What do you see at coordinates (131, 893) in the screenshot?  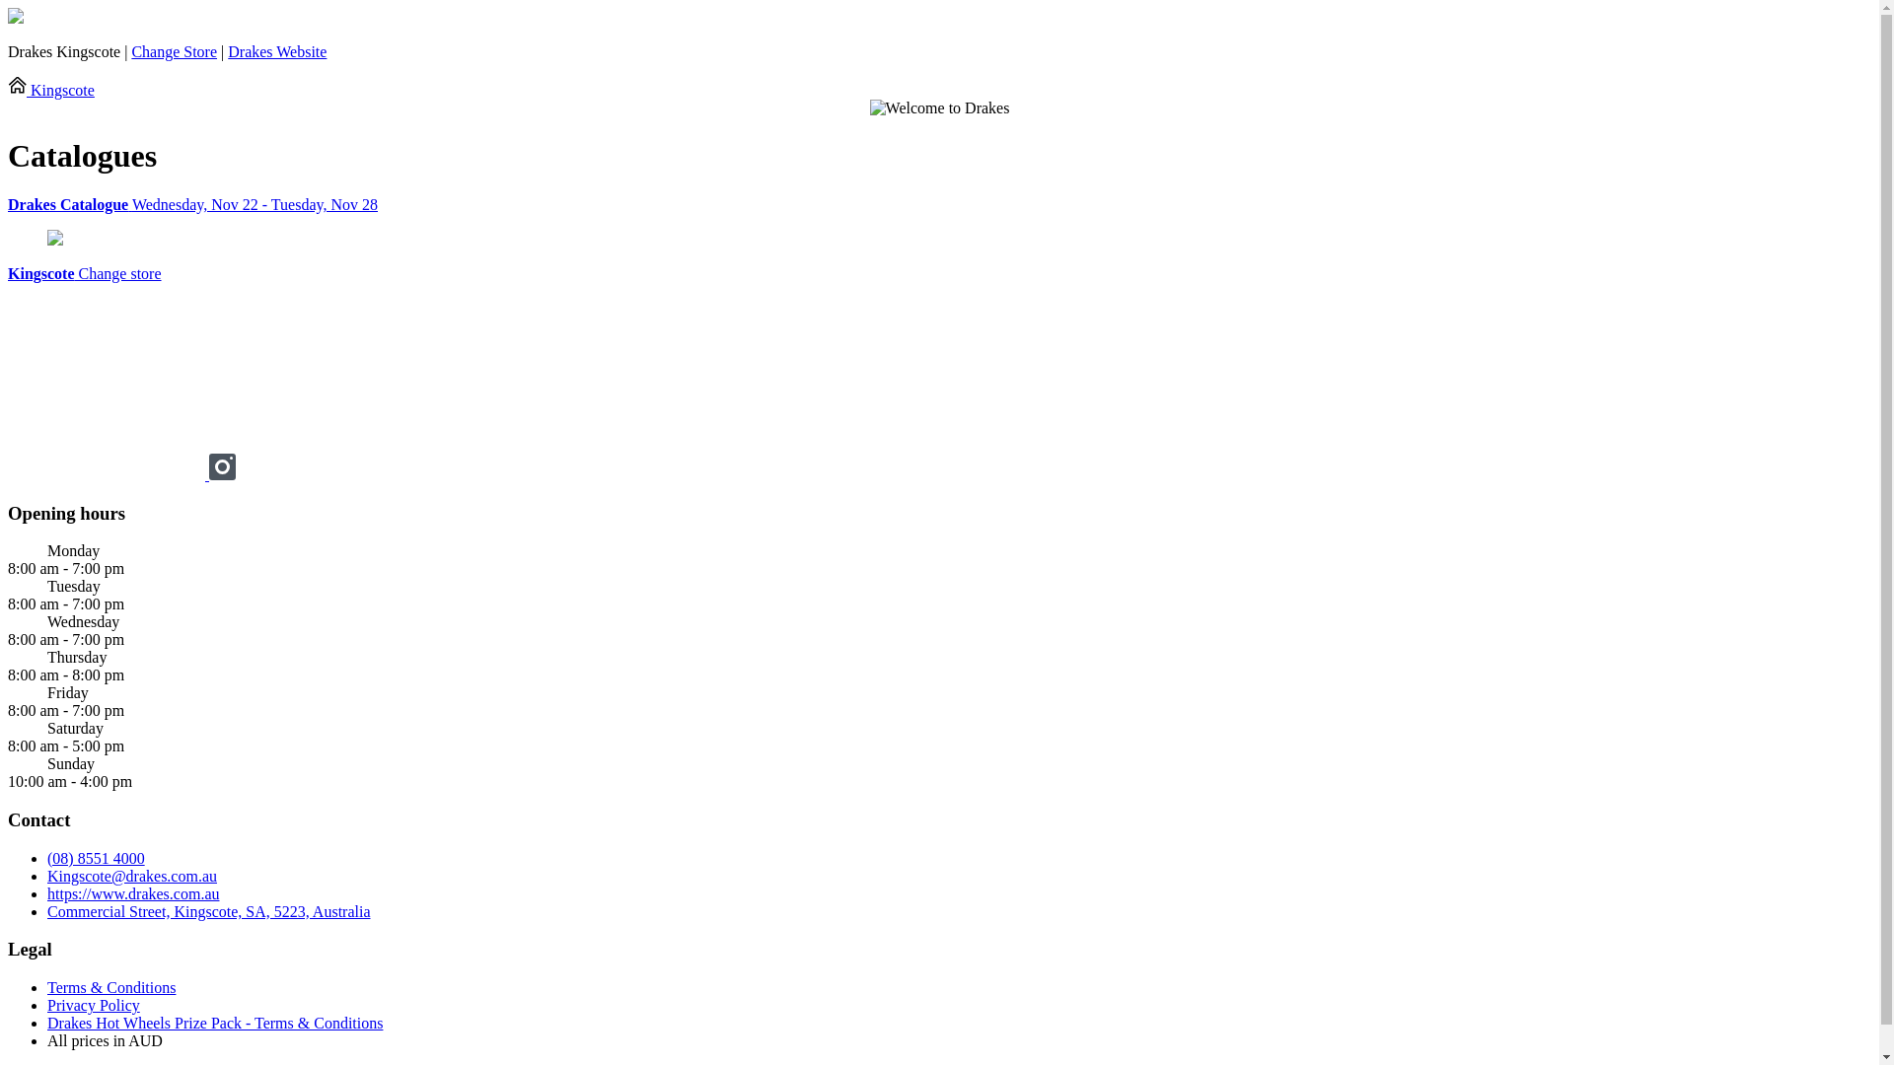 I see `'https://www.drakes.com.au'` at bounding box center [131, 893].